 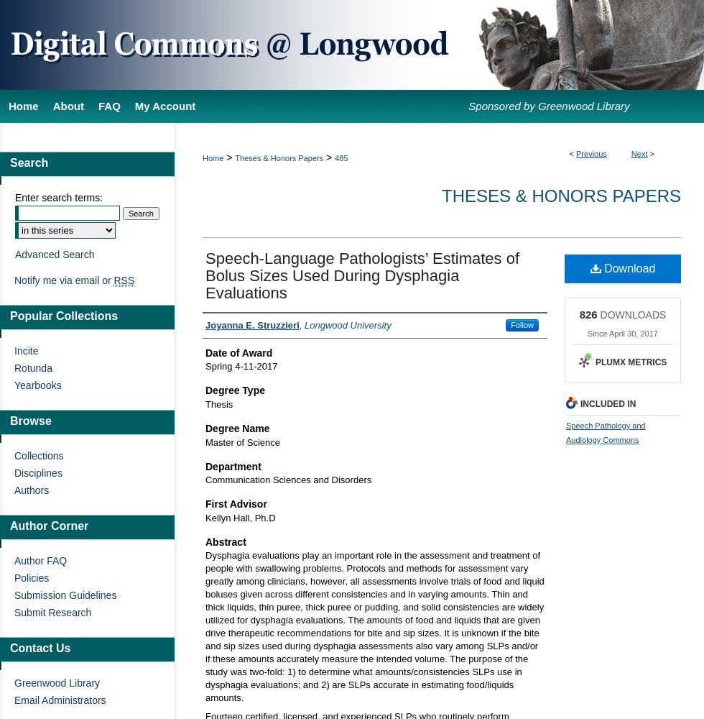 What do you see at coordinates (341, 157) in the screenshot?
I see `'485'` at bounding box center [341, 157].